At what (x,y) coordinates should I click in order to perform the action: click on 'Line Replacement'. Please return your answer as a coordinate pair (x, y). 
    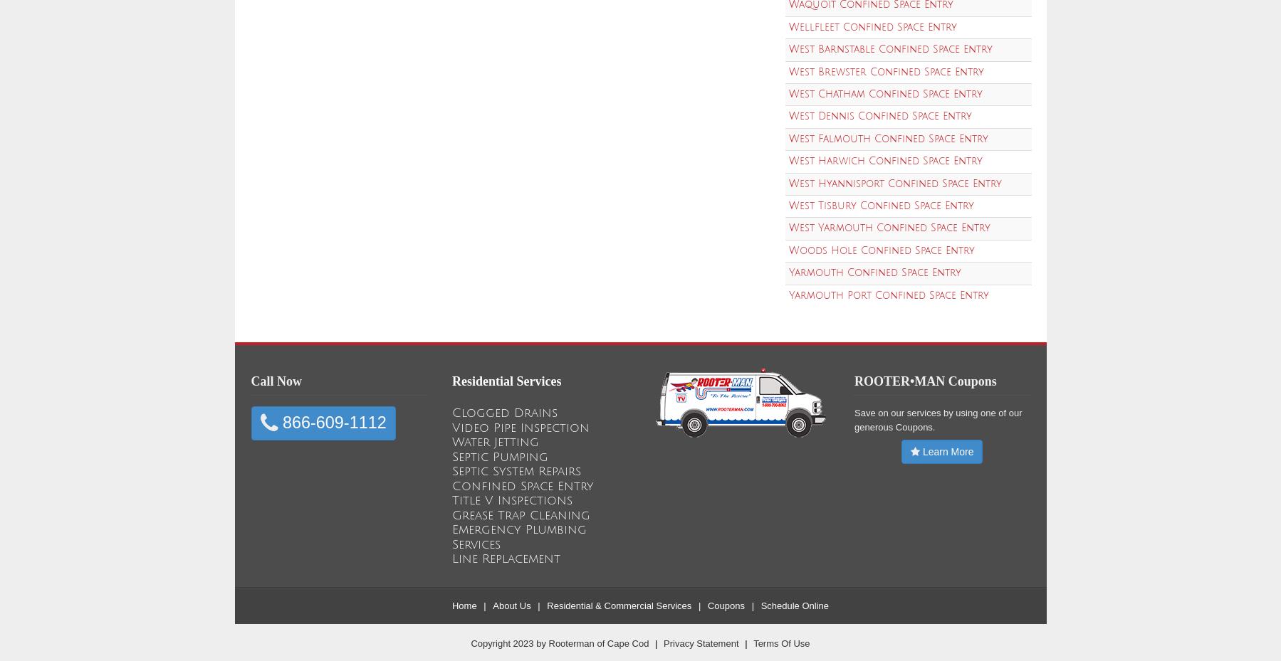
    Looking at the image, I should click on (506, 558).